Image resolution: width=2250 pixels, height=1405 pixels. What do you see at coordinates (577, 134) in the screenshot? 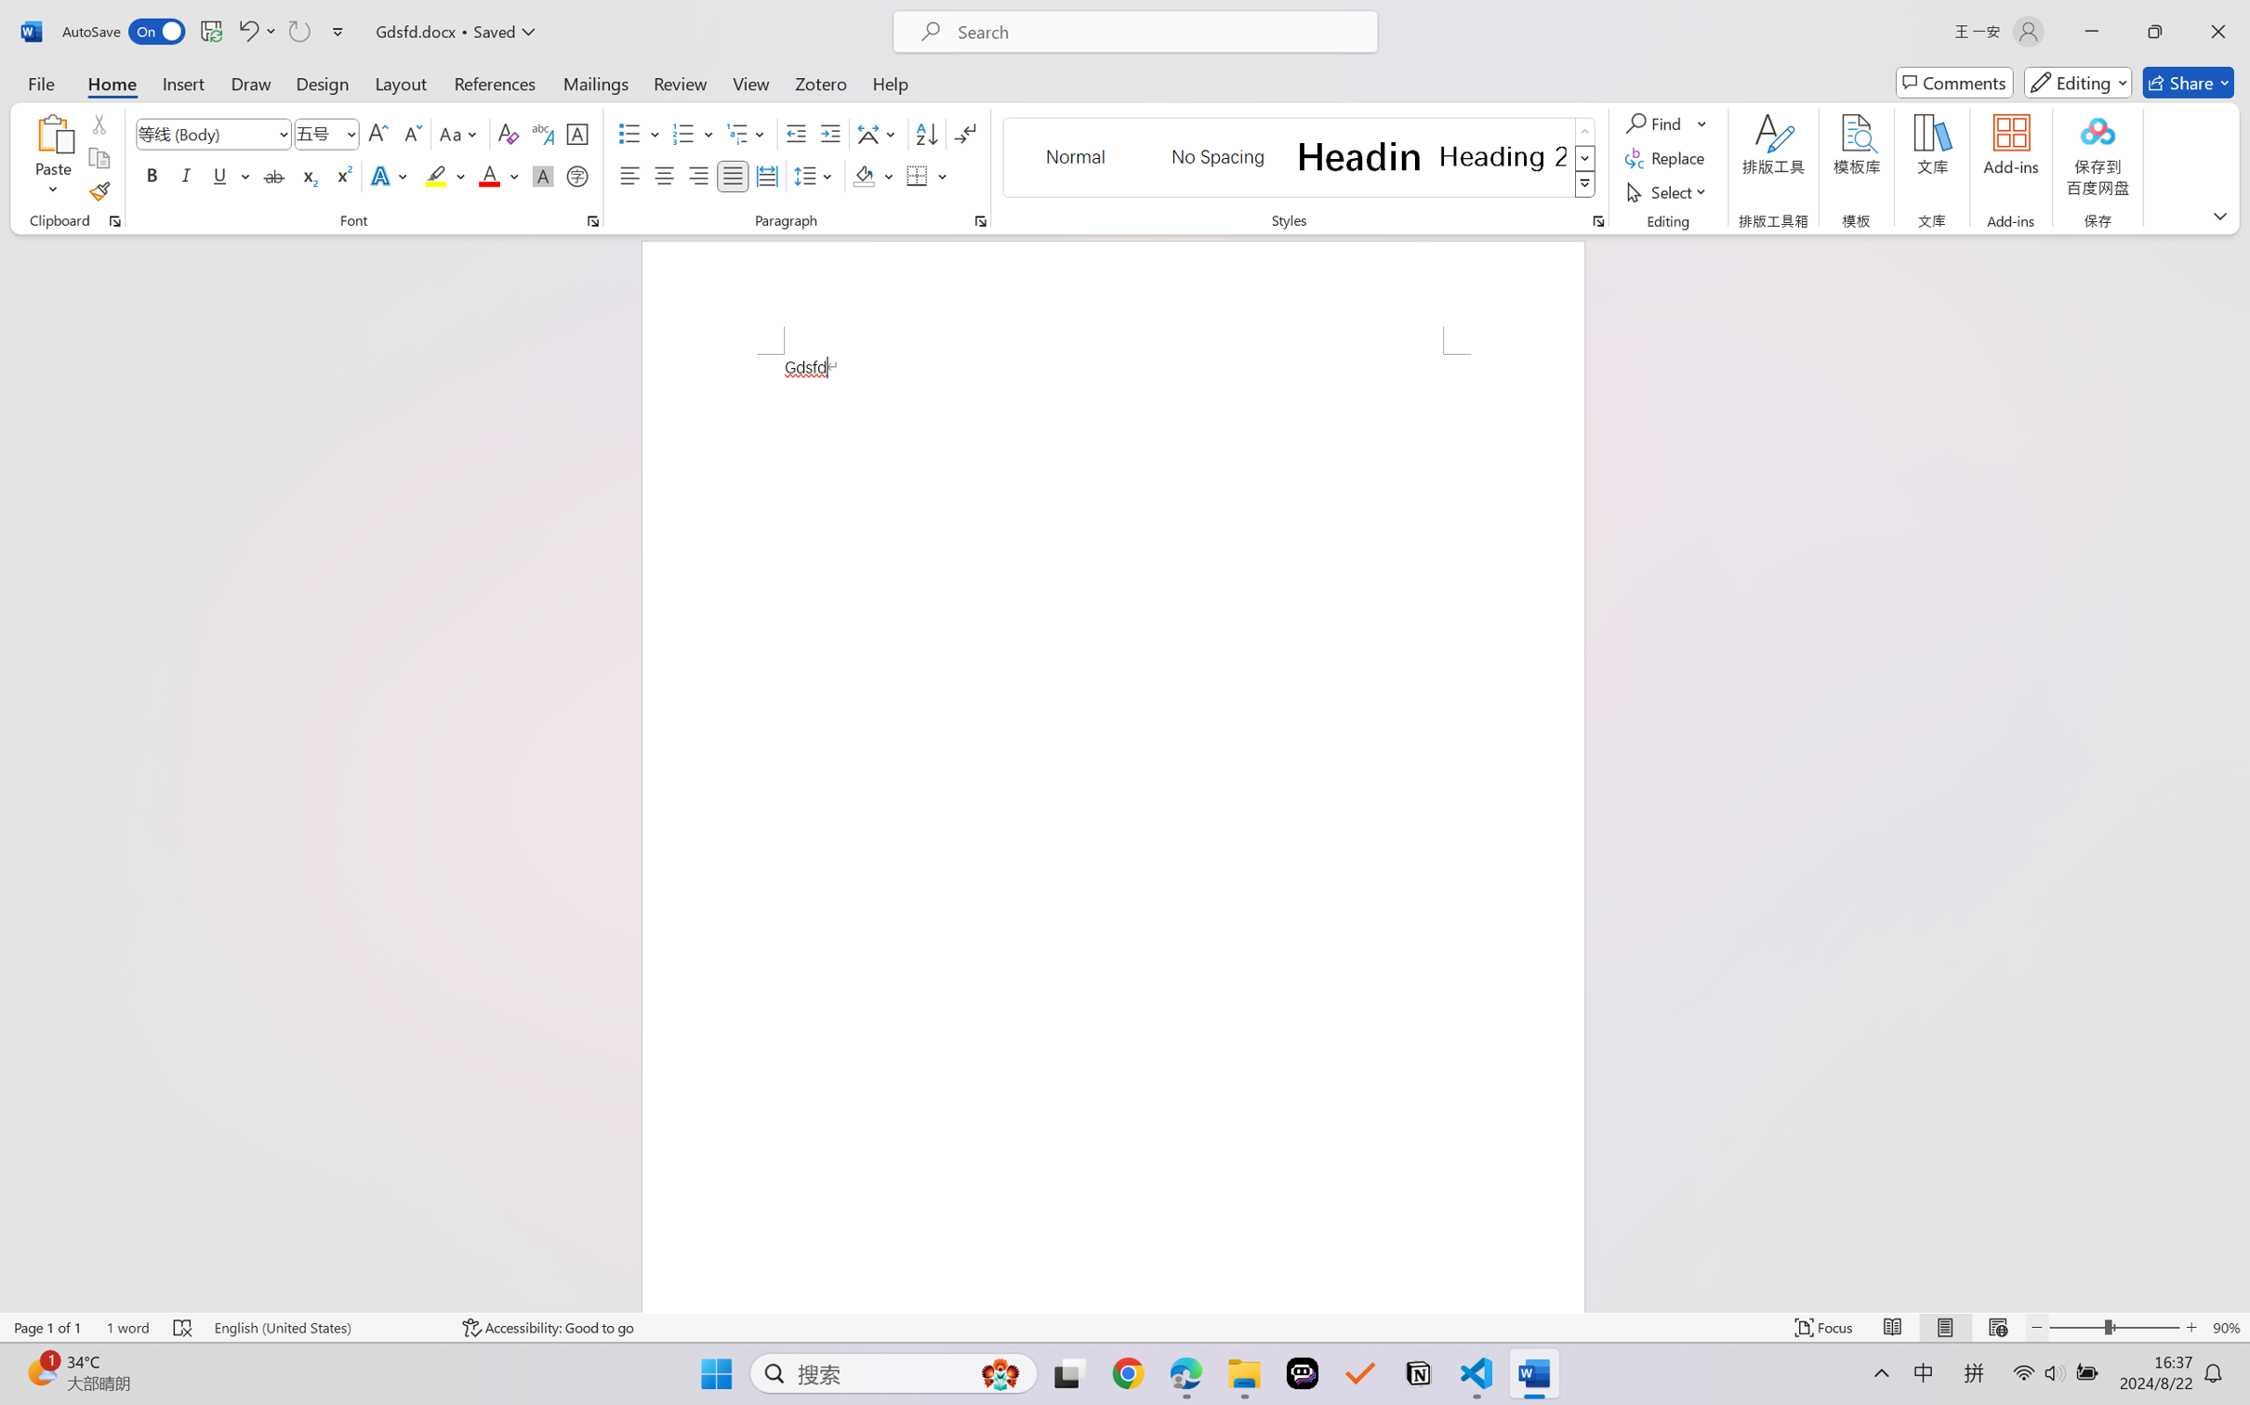
I see `'Character Border'` at bounding box center [577, 134].